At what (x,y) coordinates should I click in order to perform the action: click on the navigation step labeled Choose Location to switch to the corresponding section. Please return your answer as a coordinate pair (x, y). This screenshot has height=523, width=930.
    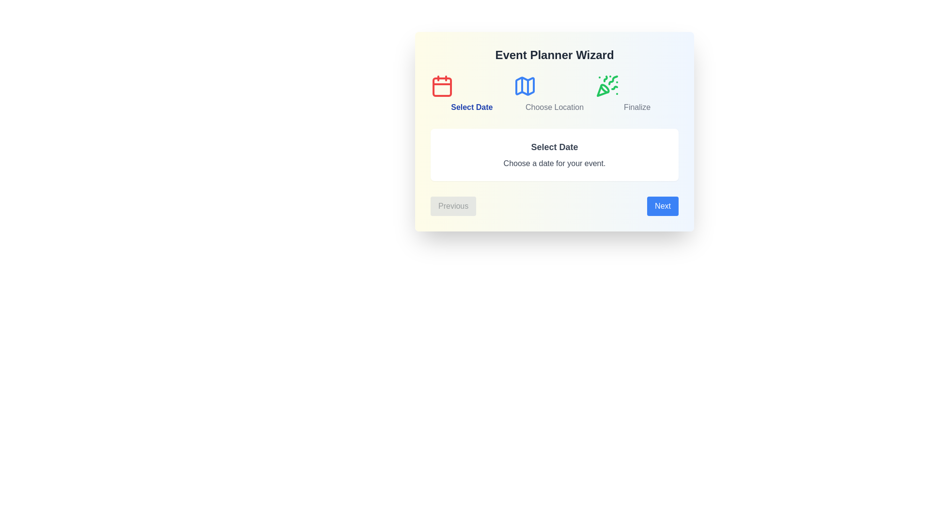
    Looking at the image, I should click on (555, 93).